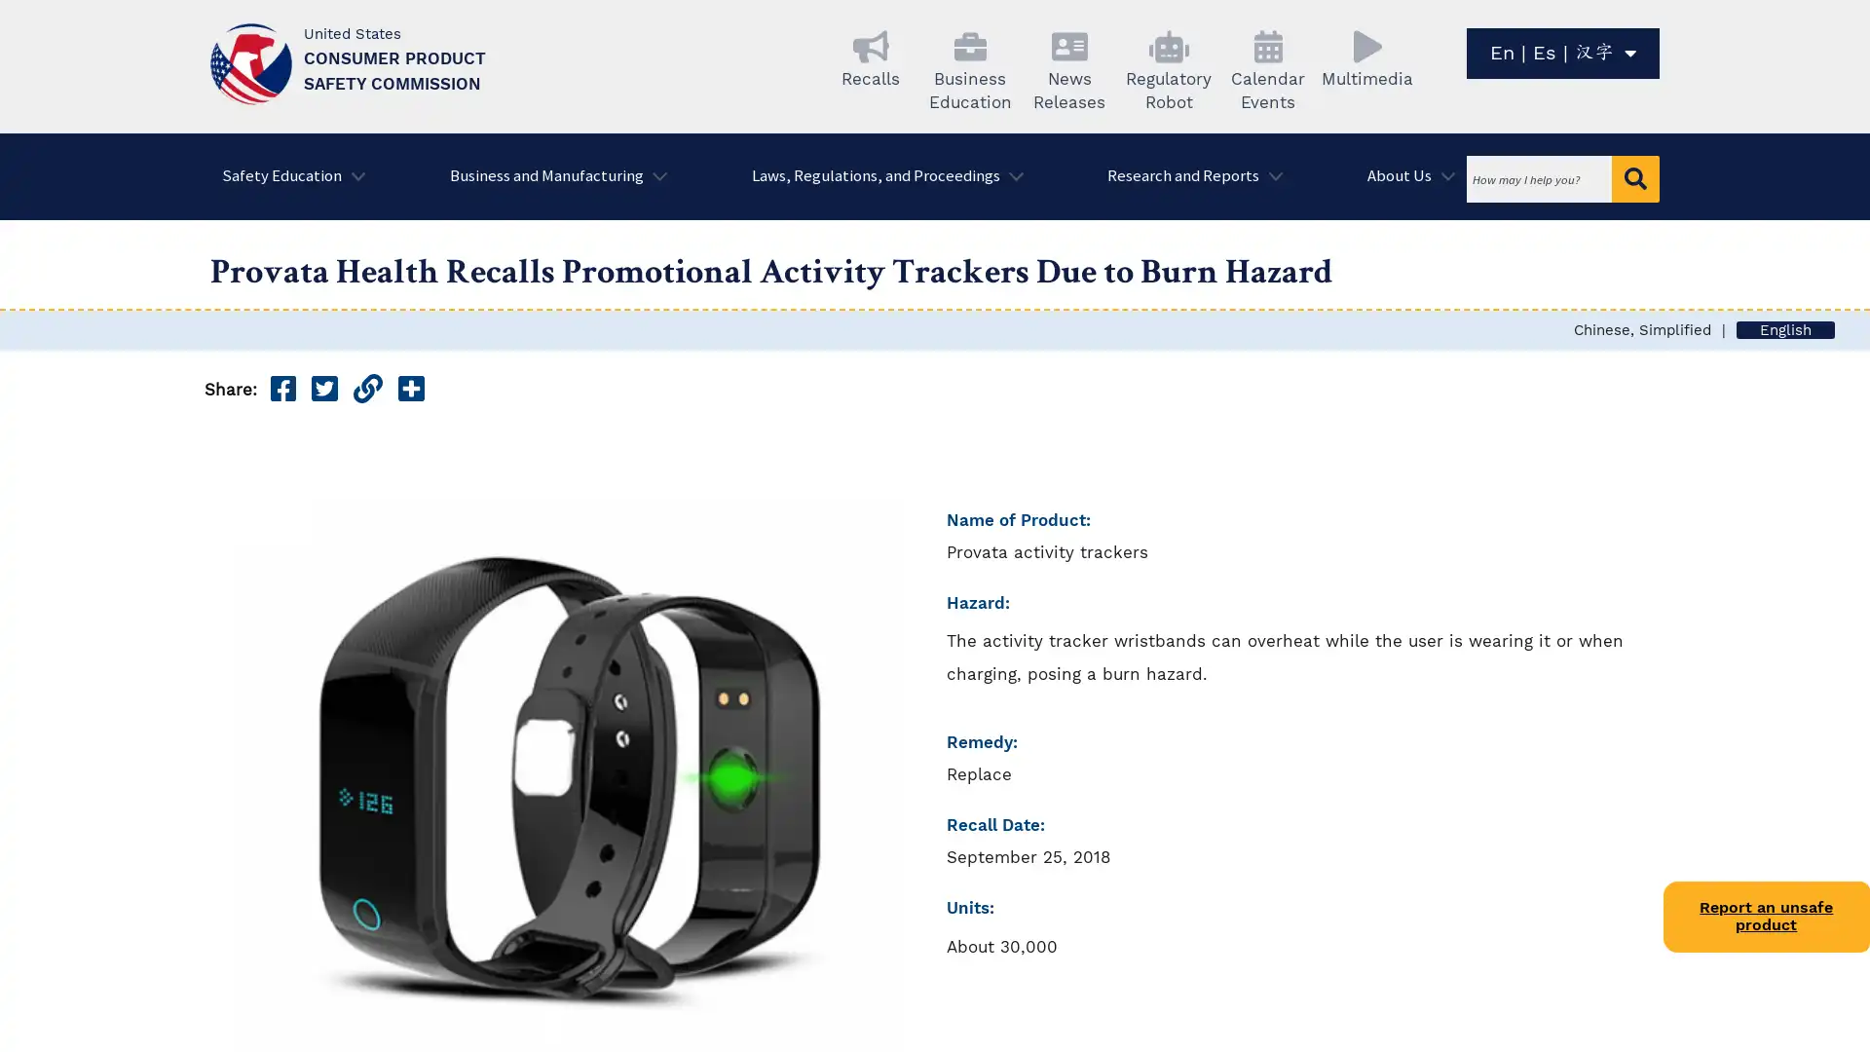 This screenshot has width=1870, height=1052. What do you see at coordinates (1635, 179) in the screenshot?
I see `Search` at bounding box center [1635, 179].